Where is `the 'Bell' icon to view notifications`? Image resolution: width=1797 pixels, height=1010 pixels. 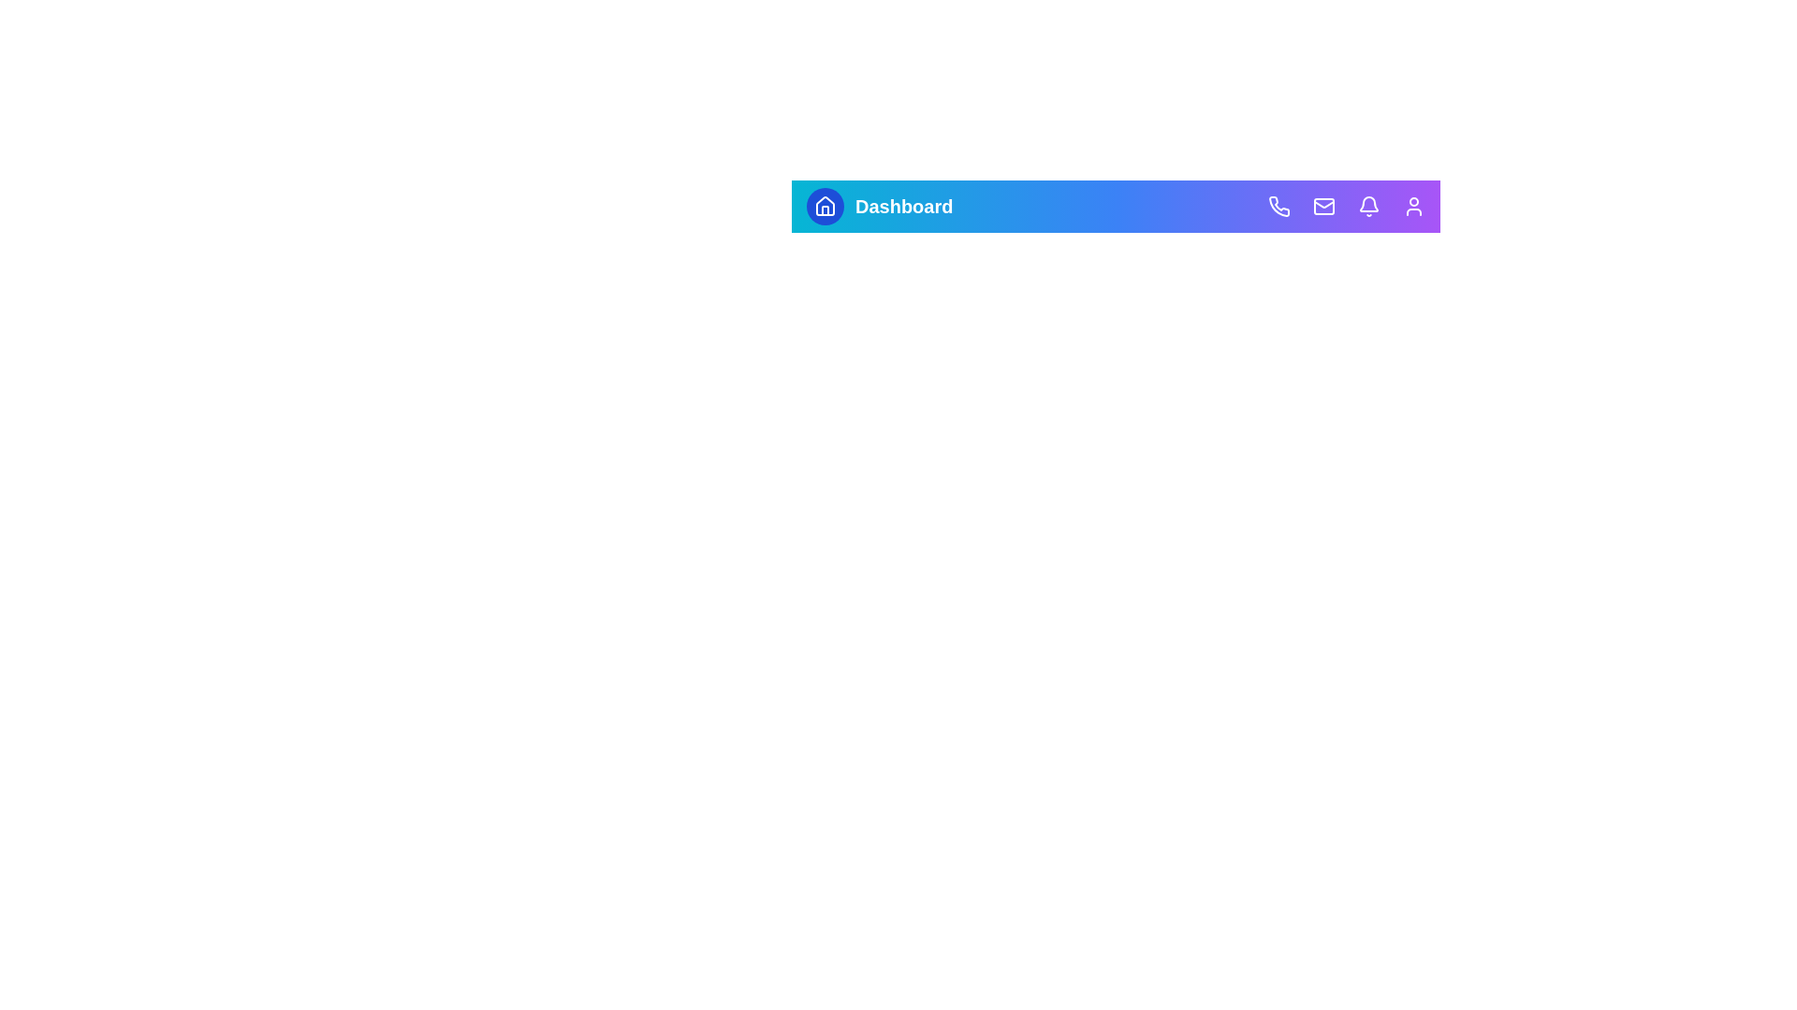 the 'Bell' icon to view notifications is located at coordinates (1369, 206).